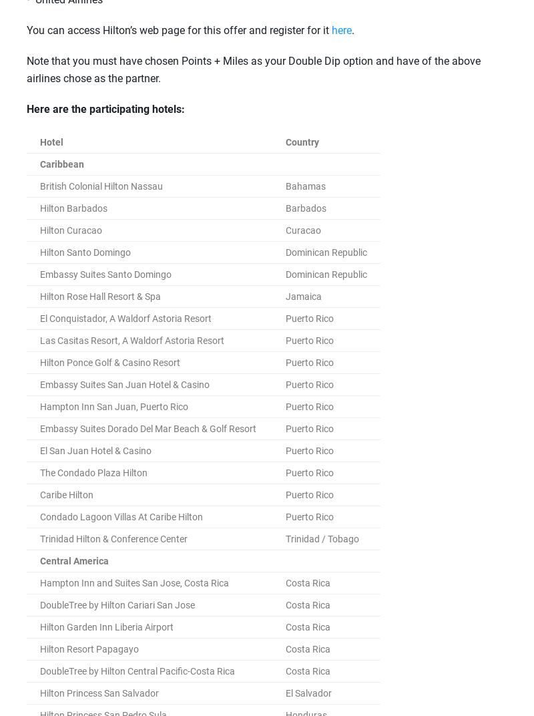  I want to click on 'Curacao', so click(302, 230).